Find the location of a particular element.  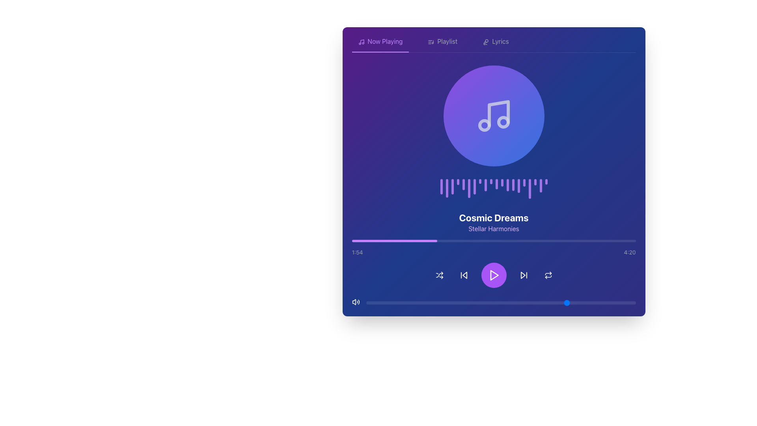

playback progress is located at coordinates (390, 240).